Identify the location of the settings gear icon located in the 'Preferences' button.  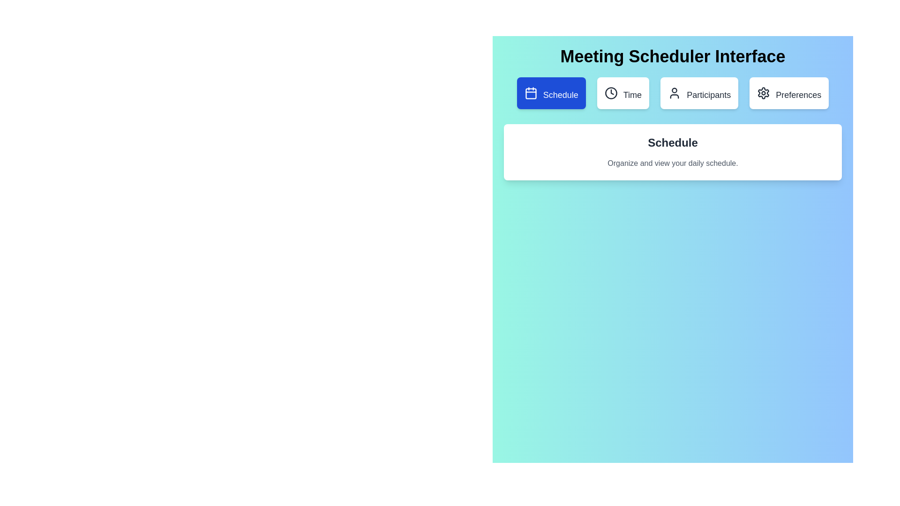
(763, 93).